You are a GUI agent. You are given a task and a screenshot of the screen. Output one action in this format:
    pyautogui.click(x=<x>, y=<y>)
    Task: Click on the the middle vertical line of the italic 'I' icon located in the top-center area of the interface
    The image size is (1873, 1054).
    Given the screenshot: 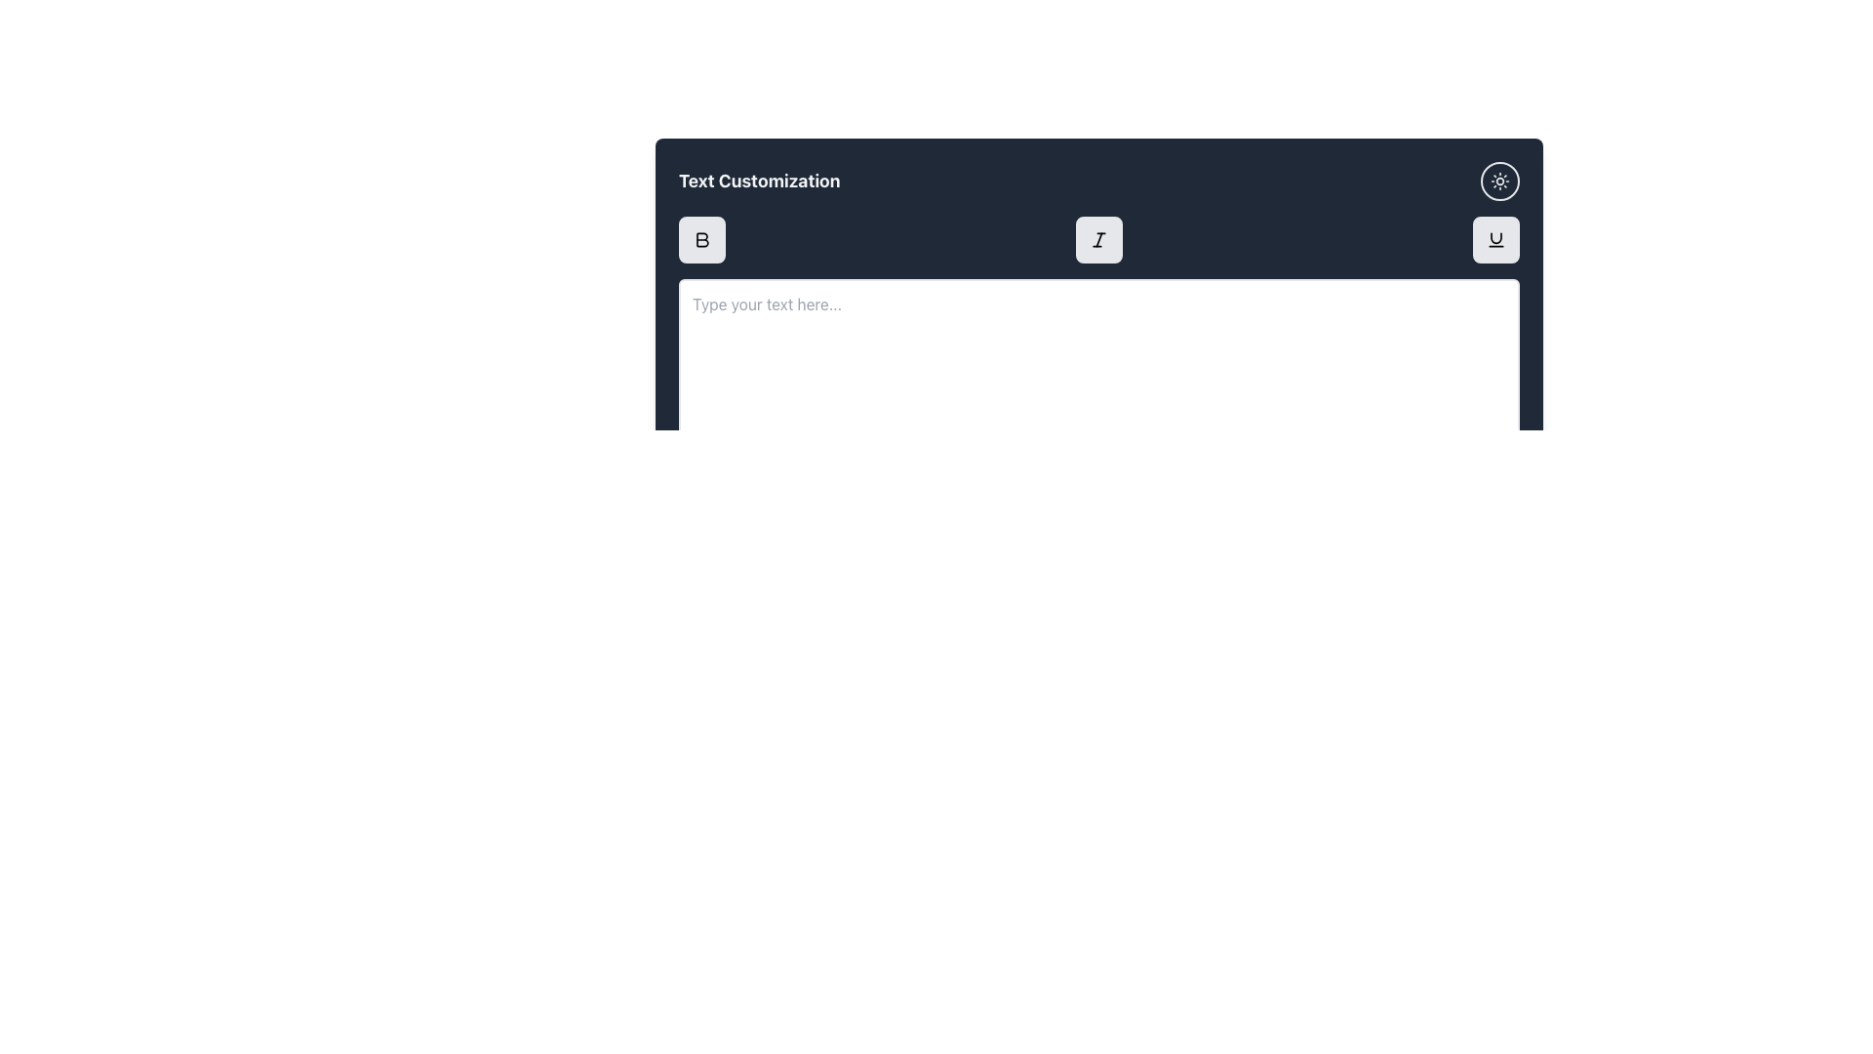 What is the action you would take?
    pyautogui.click(x=1099, y=239)
    